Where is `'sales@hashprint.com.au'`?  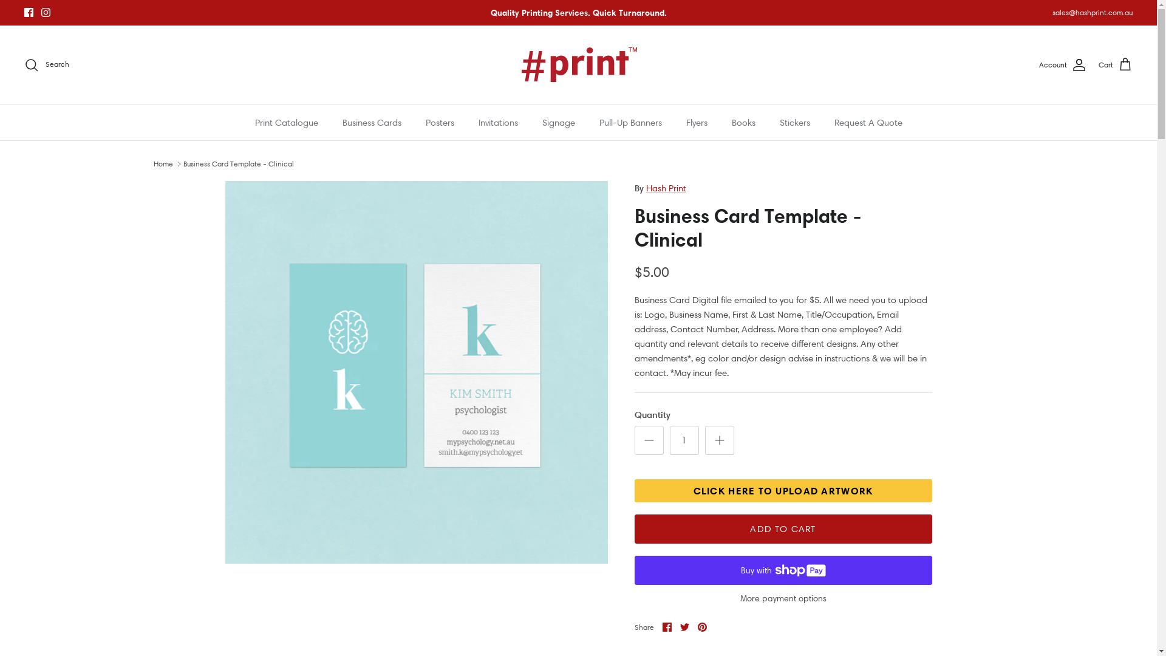
'sales@hashprint.com.au' is located at coordinates (1093, 12).